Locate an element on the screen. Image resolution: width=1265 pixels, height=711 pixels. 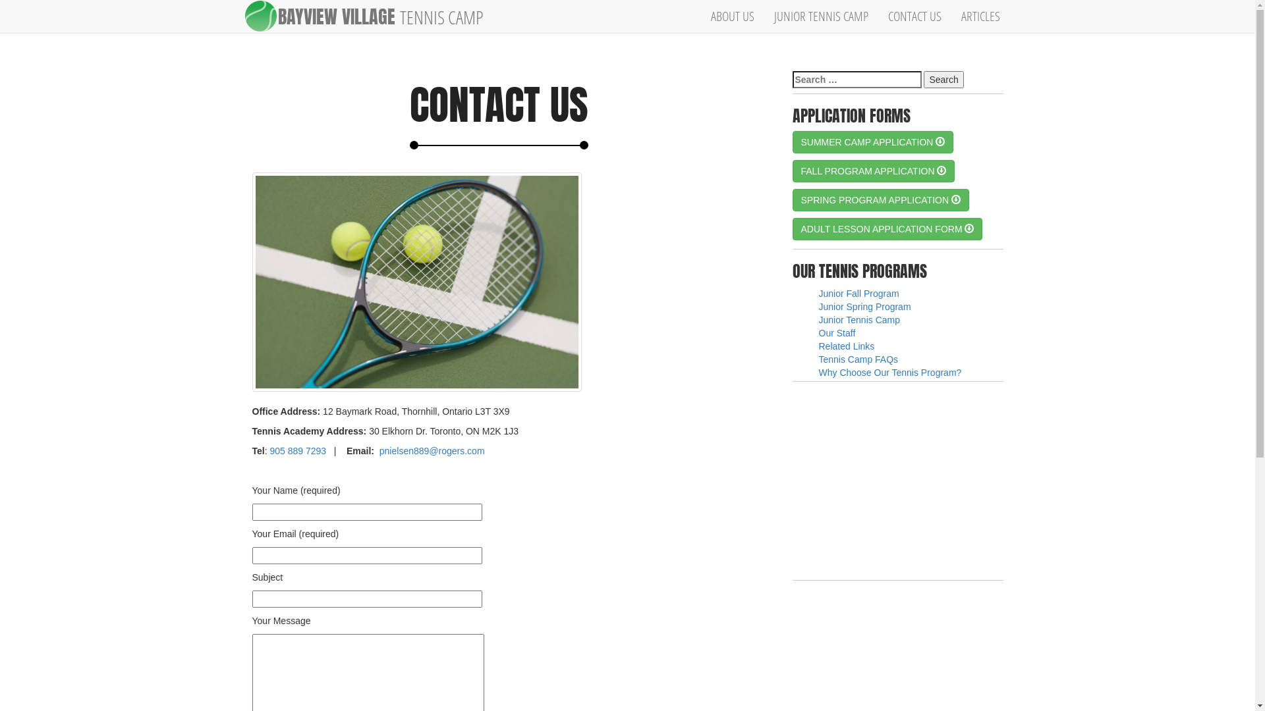
'ARTICLES' is located at coordinates (980, 16).